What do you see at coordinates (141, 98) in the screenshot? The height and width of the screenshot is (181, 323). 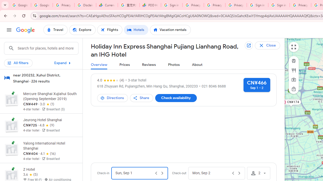 I see `'Share'` at bounding box center [141, 98].